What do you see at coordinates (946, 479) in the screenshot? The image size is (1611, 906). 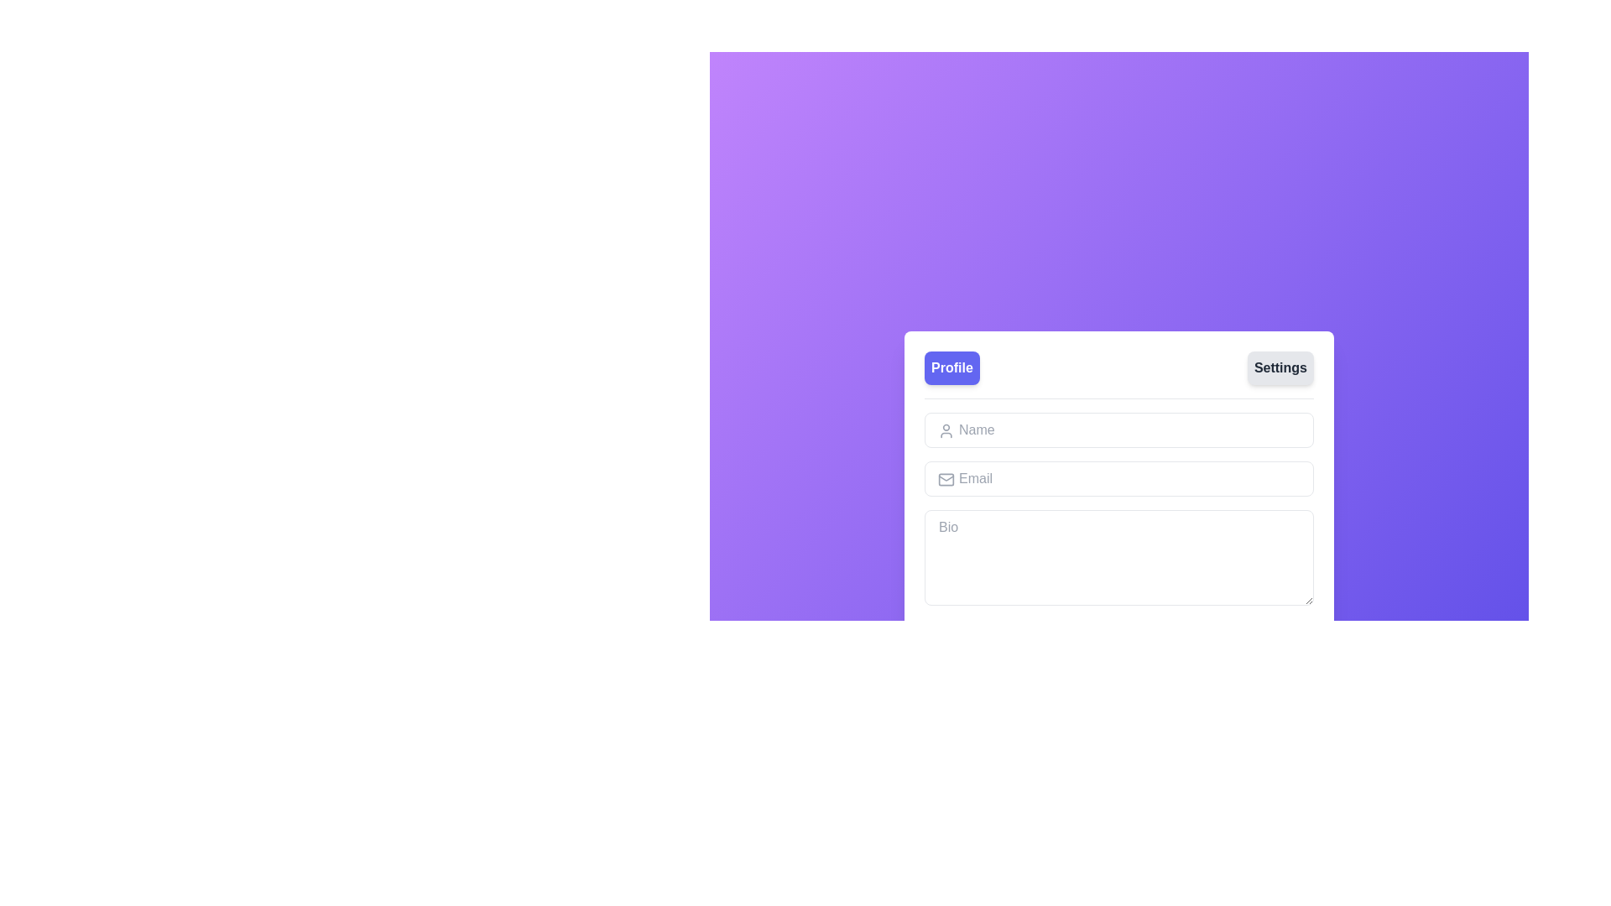 I see `the envelope-shaped icon indicating the email input field, located on the left side of the 'Email' input field` at bounding box center [946, 479].